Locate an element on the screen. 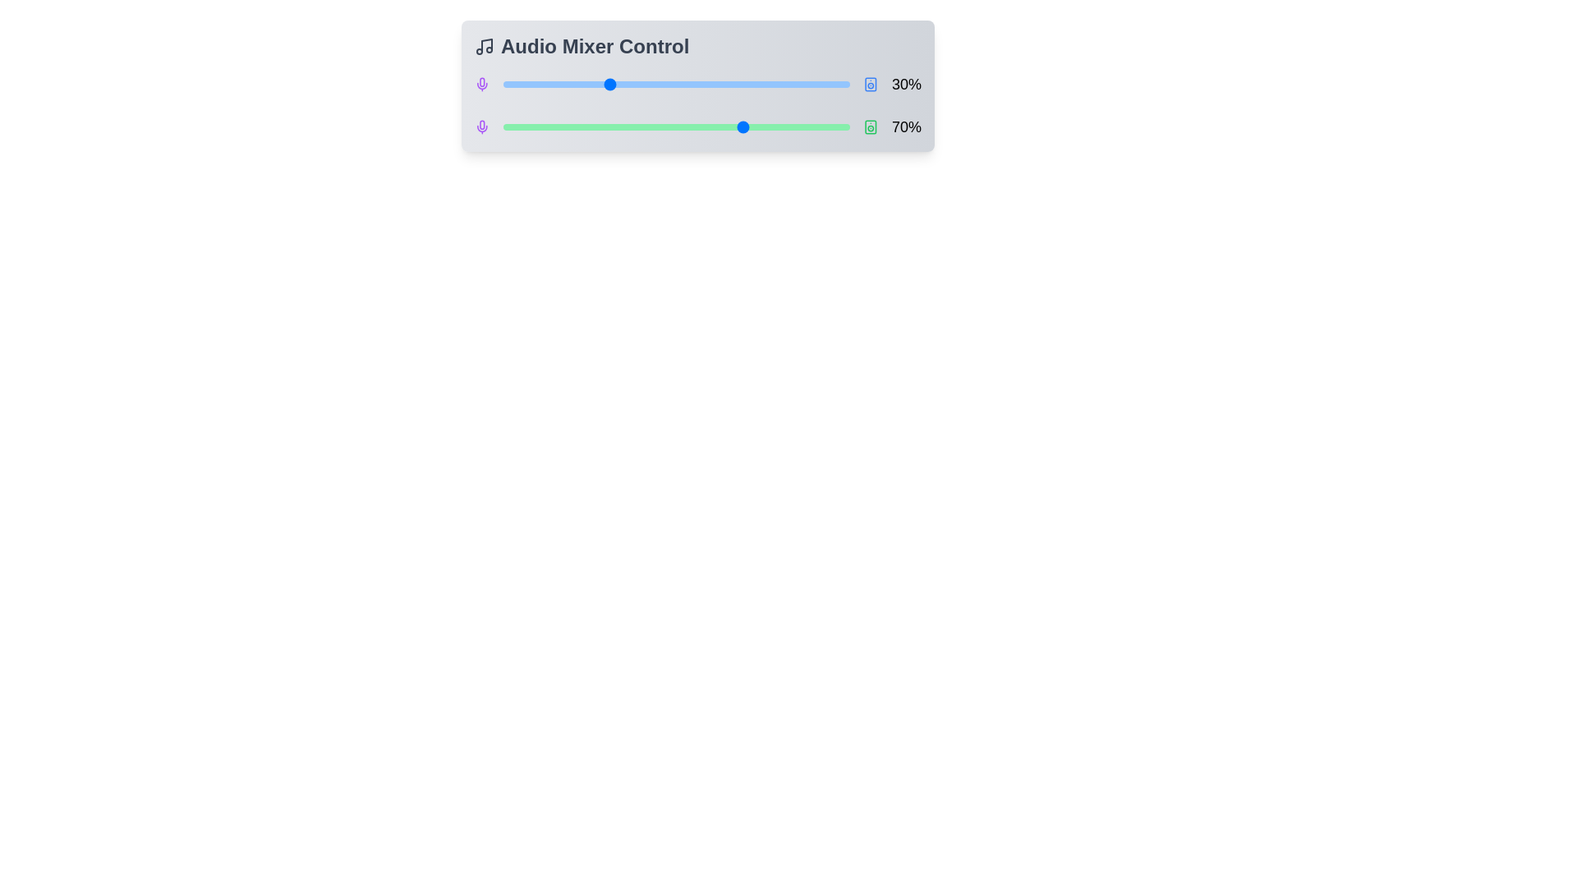 The width and height of the screenshot is (1577, 887). the slider is located at coordinates (641, 85).